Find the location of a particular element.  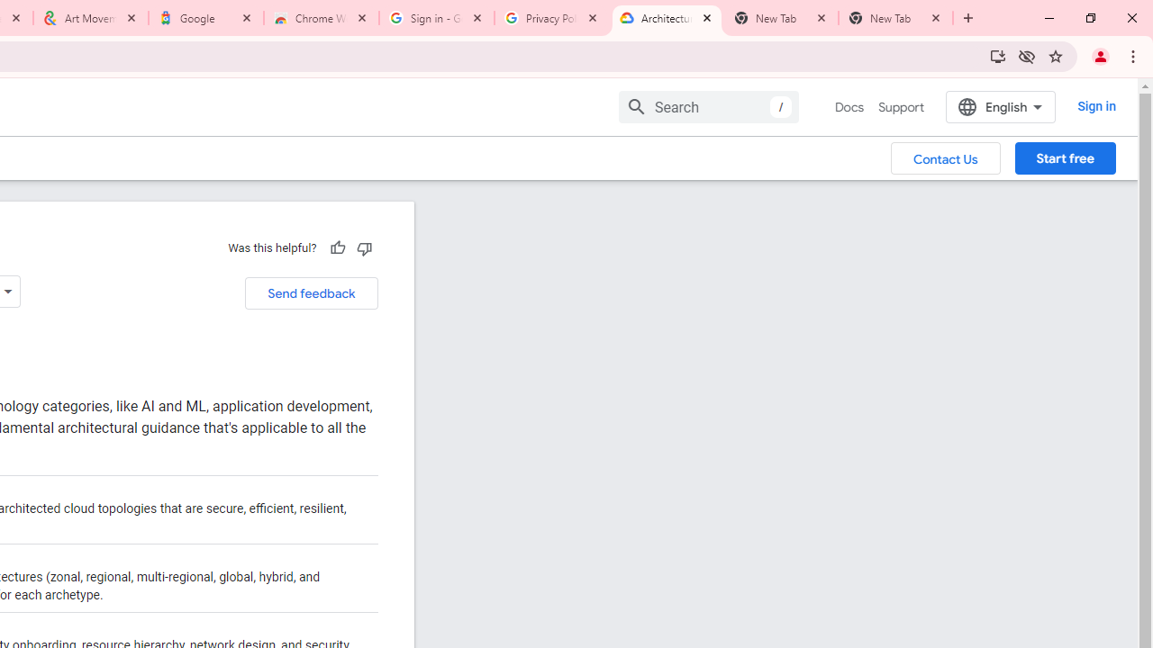

'Docs, selected' is located at coordinates (848, 107).